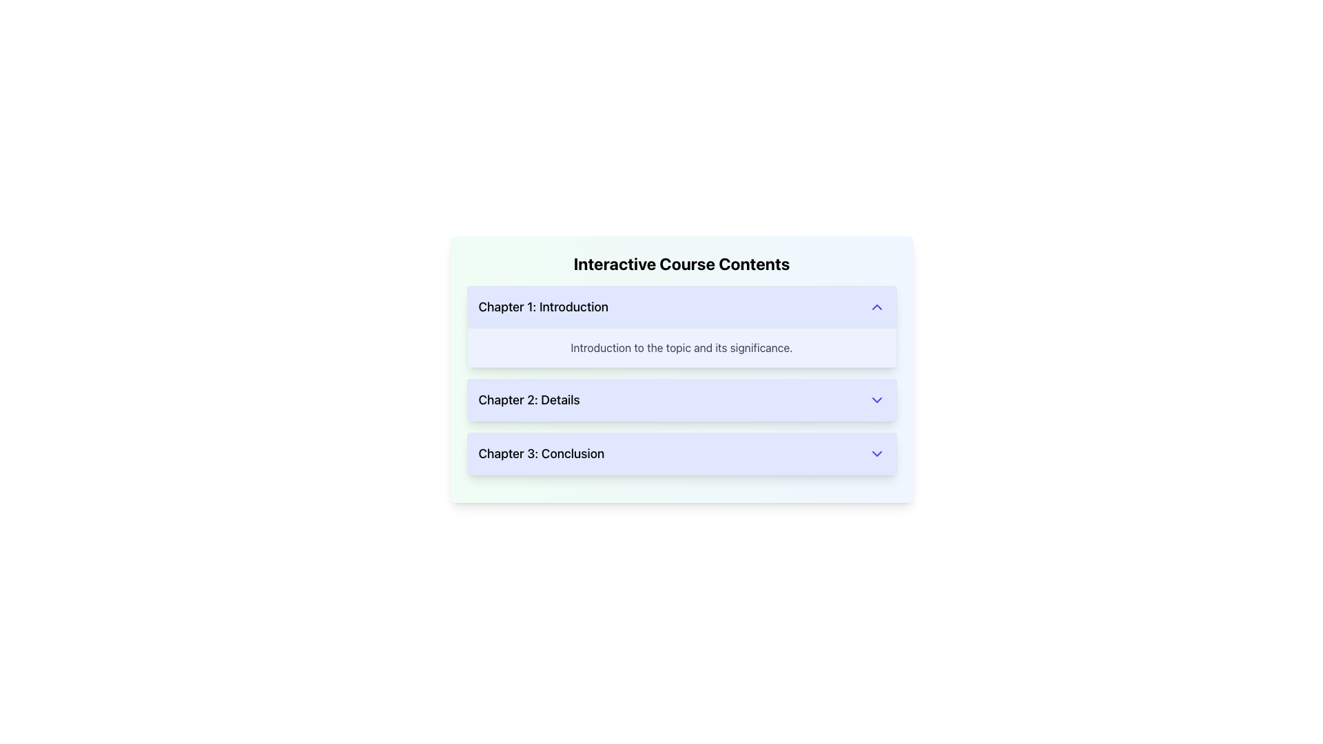 This screenshot has height=744, width=1323. What do you see at coordinates (876, 400) in the screenshot?
I see `the downward-pointing chevron icon styled in bold indigo blue, located to the right of 'Chapter 2: Details'` at bounding box center [876, 400].